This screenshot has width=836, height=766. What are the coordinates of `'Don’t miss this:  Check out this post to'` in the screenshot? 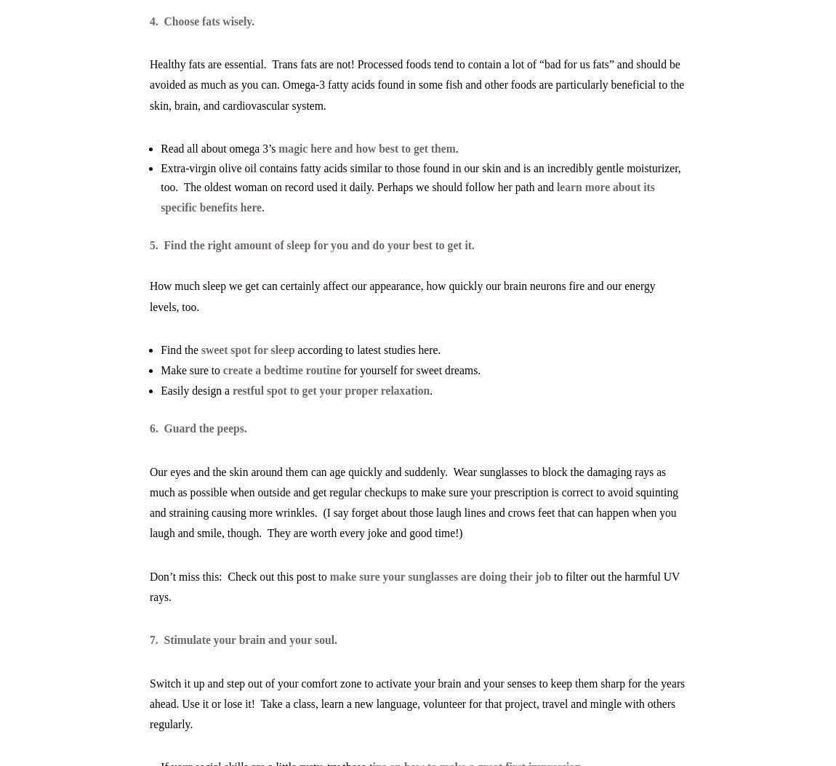 It's located at (239, 575).